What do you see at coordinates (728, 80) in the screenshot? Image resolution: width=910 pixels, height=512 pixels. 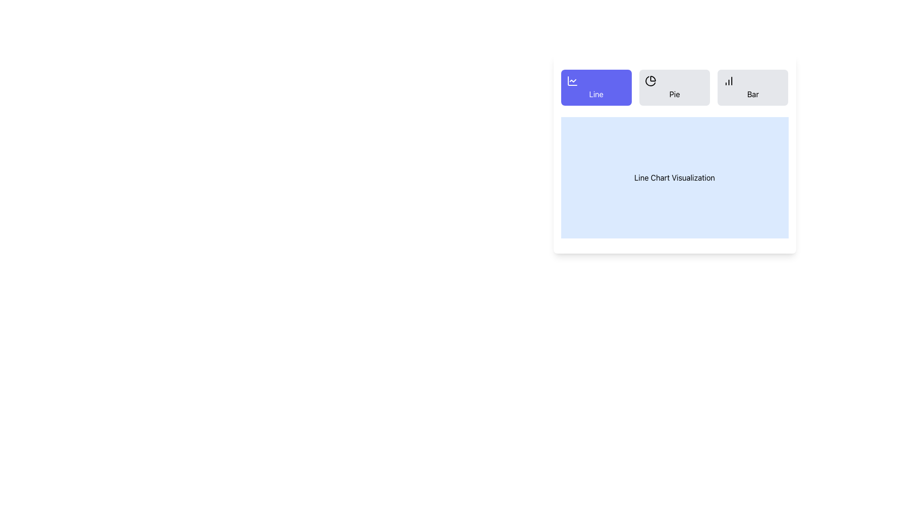 I see `the bar chart icon located within the 'Bar' button in the header section` at bounding box center [728, 80].